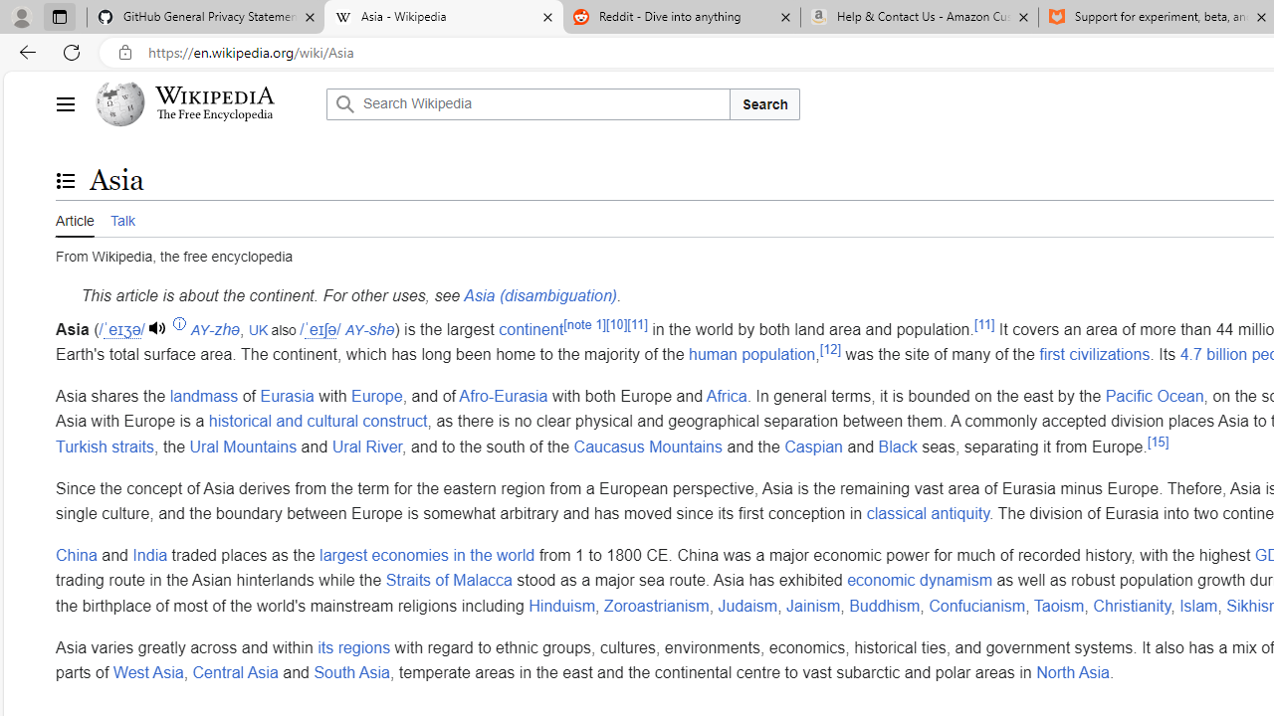 This screenshot has height=716, width=1274. I want to click on 'Straits of Malacca', so click(447, 581).